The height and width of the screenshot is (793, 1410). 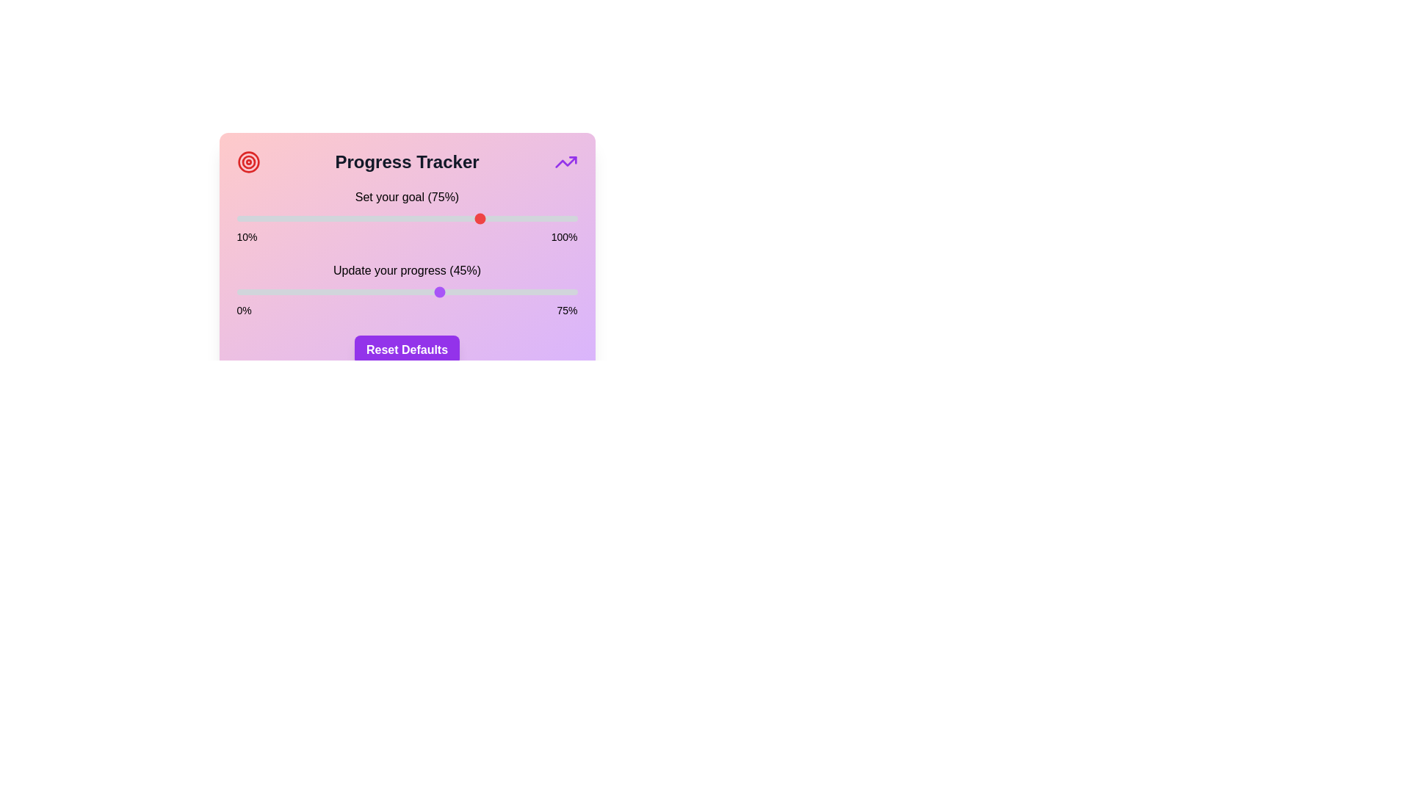 What do you see at coordinates (546, 218) in the screenshot?
I see `the 'Set your goal' slider to 92%` at bounding box center [546, 218].